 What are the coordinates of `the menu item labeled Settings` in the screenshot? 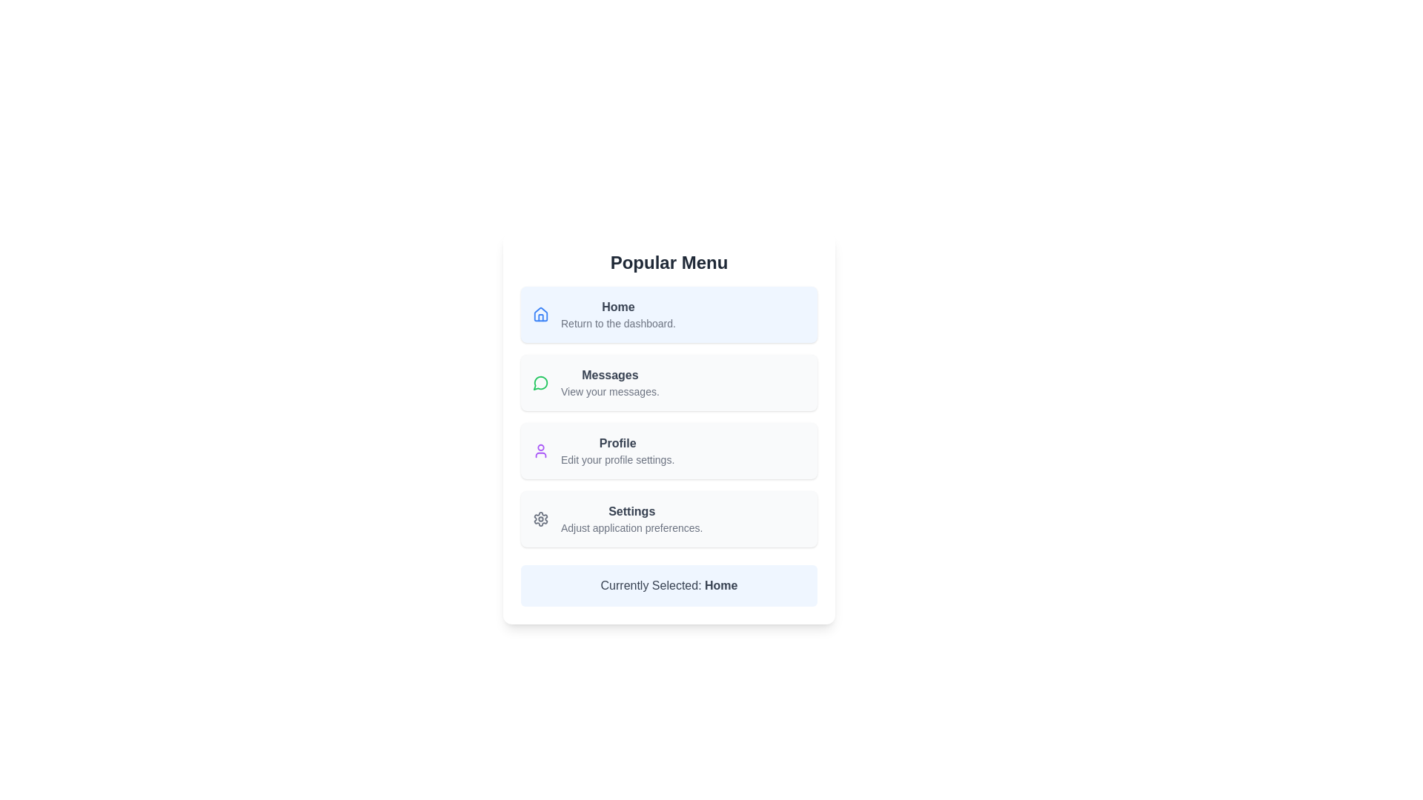 It's located at (631, 519).